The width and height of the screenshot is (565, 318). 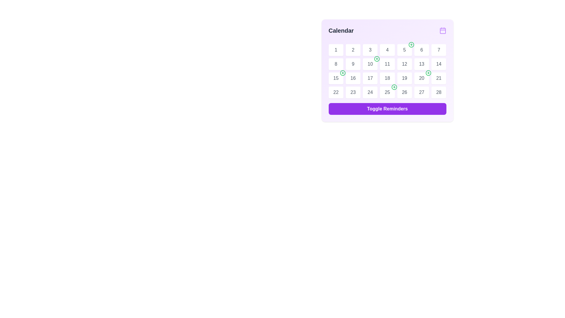 What do you see at coordinates (404, 92) in the screenshot?
I see `the text label displaying the number '26' in dark gray font, located in the last row and fifth column of the calendar interface` at bounding box center [404, 92].